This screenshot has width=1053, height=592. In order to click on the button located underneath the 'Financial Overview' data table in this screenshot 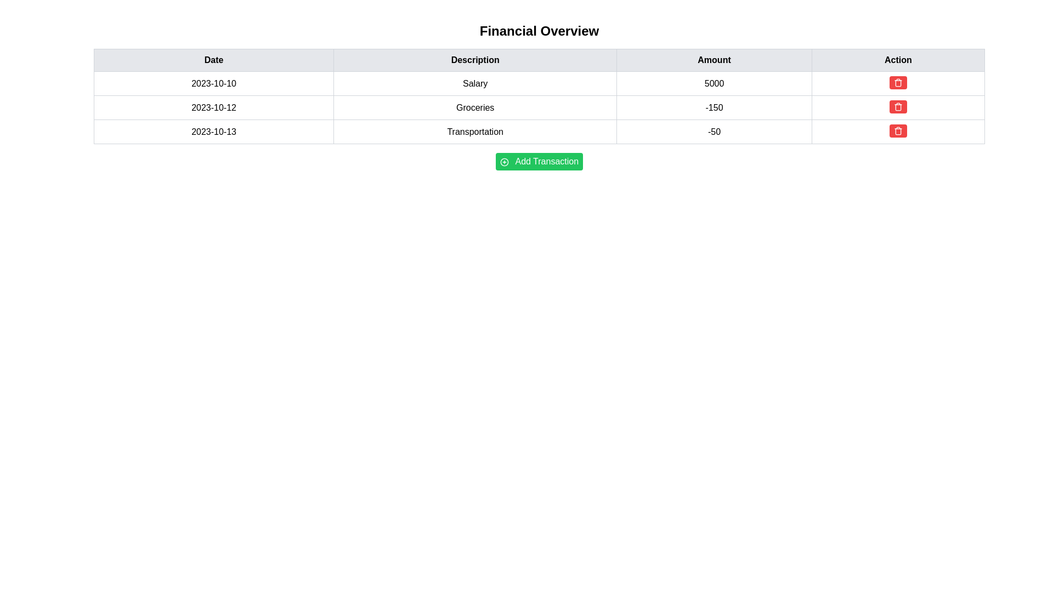, I will do `click(539, 161)`.